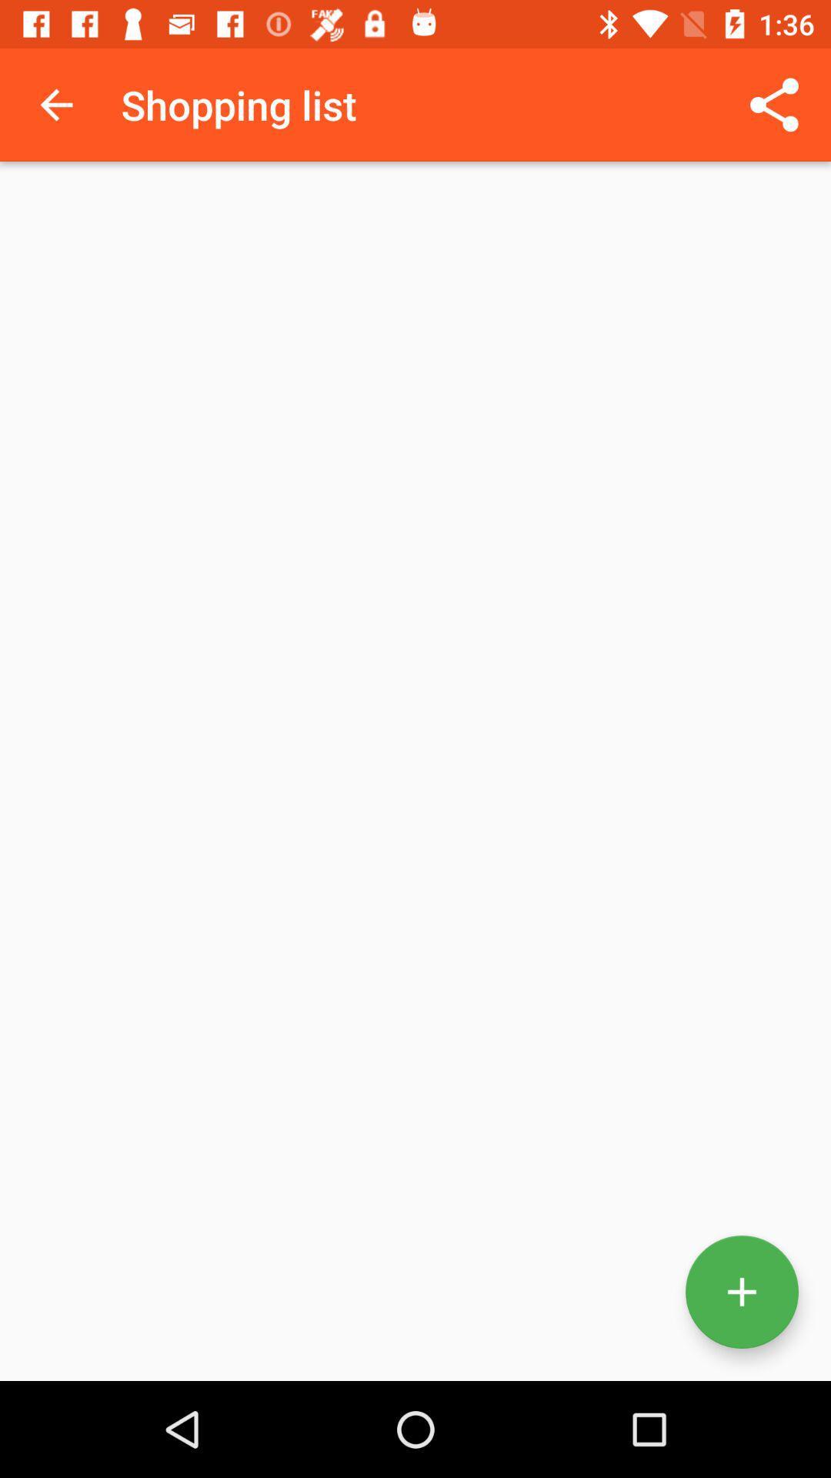 This screenshot has width=831, height=1478. Describe the element at coordinates (774, 104) in the screenshot. I see `icon at the top right corner` at that location.